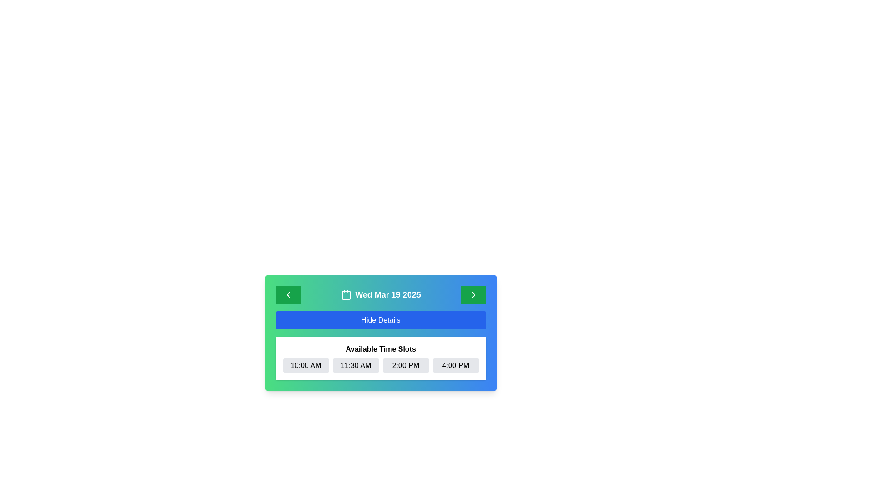 This screenshot has height=490, width=871. I want to click on the rectangular button labeled '11:30 AM' with a light gray background to choose the time slot, so click(355, 365).